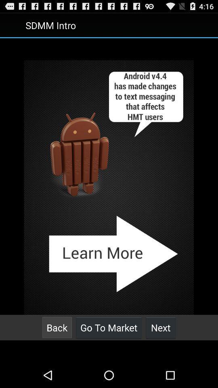 Image resolution: width=218 pixels, height=388 pixels. What do you see at coordinates (161, 327) in the screenshot?
I see `the button to the right of go to market icon` at bounding box center [161, 327].